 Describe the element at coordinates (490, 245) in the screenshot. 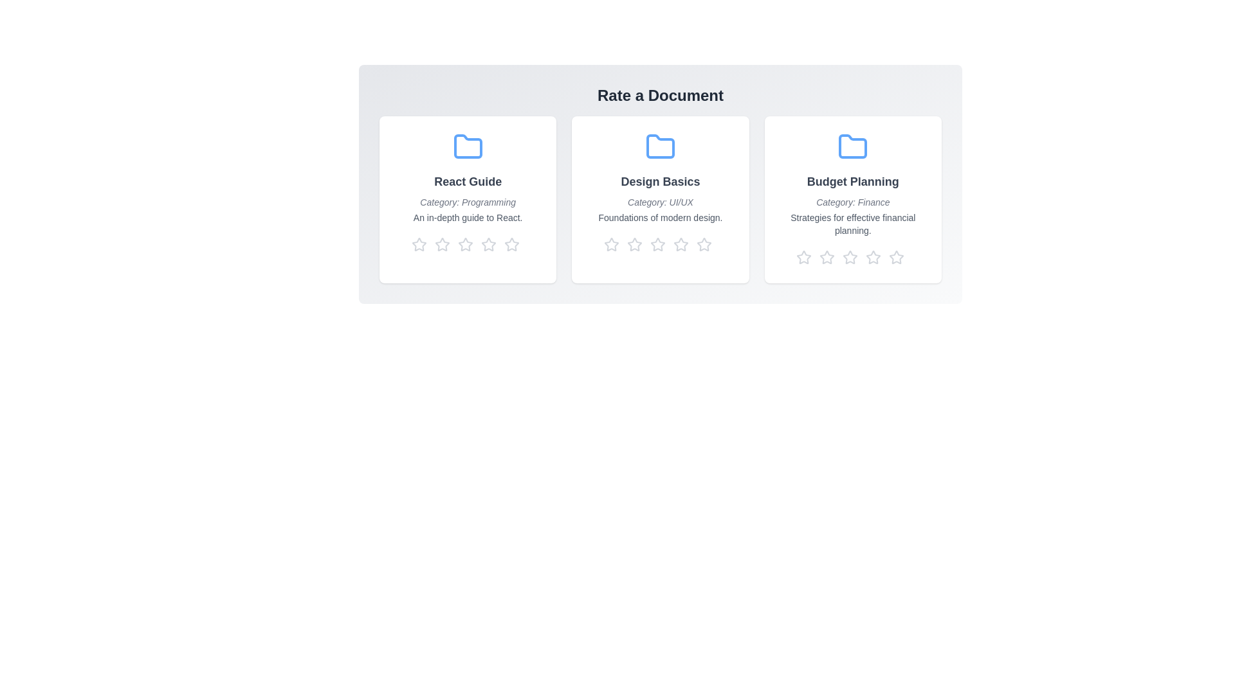

I see `the star corresponding to 4 stars to preview the rating` at that location.